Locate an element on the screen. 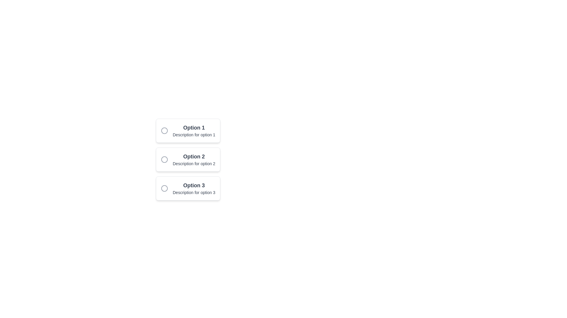 The image size is (567, 318). the text label element that displays 'Description for option 2', which is located directly below the bold 'Option 2' is located at coordinates (194, 163).